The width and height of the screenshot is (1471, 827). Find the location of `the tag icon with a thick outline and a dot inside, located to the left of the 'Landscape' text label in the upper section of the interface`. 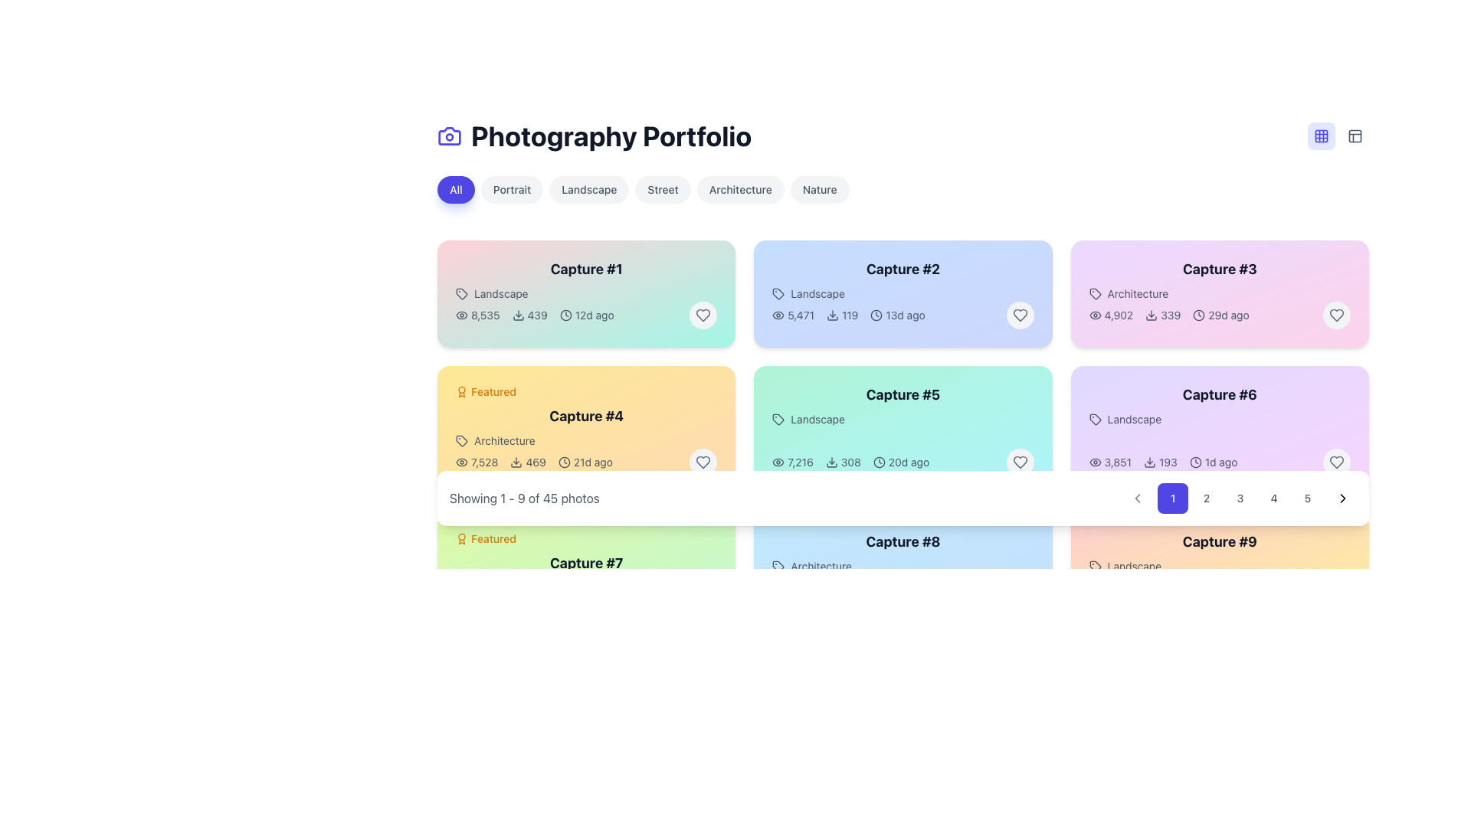

the tag icon with a thick outline and a dot inside, located to the left of the 'Landscape' text label in the upper section of the interface is located at coordinates (1094, 567).